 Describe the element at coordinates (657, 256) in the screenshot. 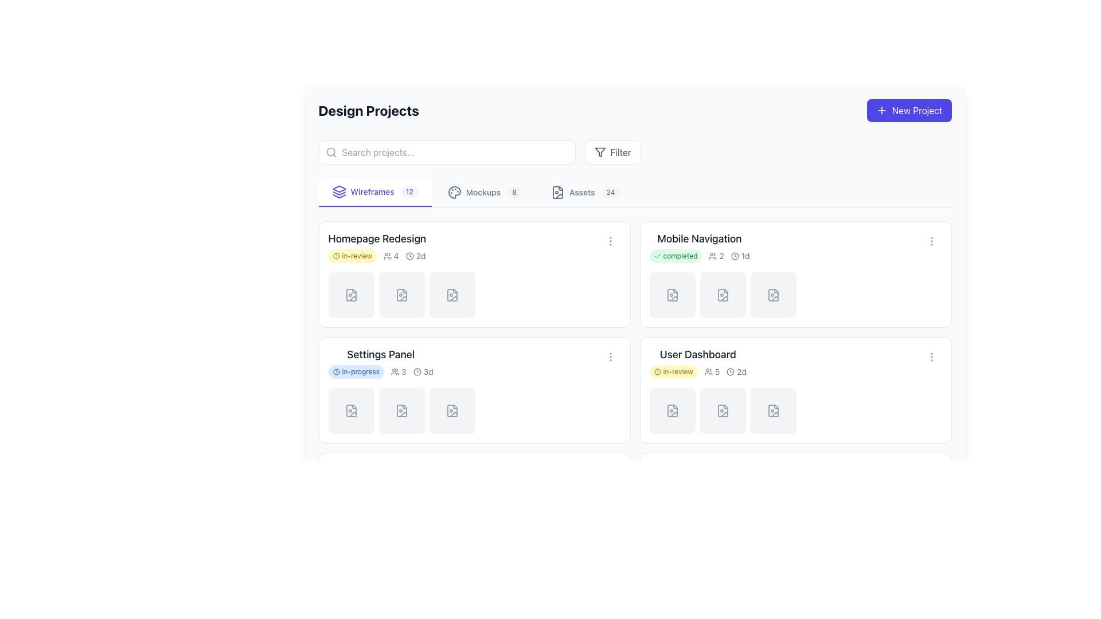

I see `the SVG-based checkmark icon within the 'completed' badge located at the top right corner of the 'Mobile Navigation' card` at that location.